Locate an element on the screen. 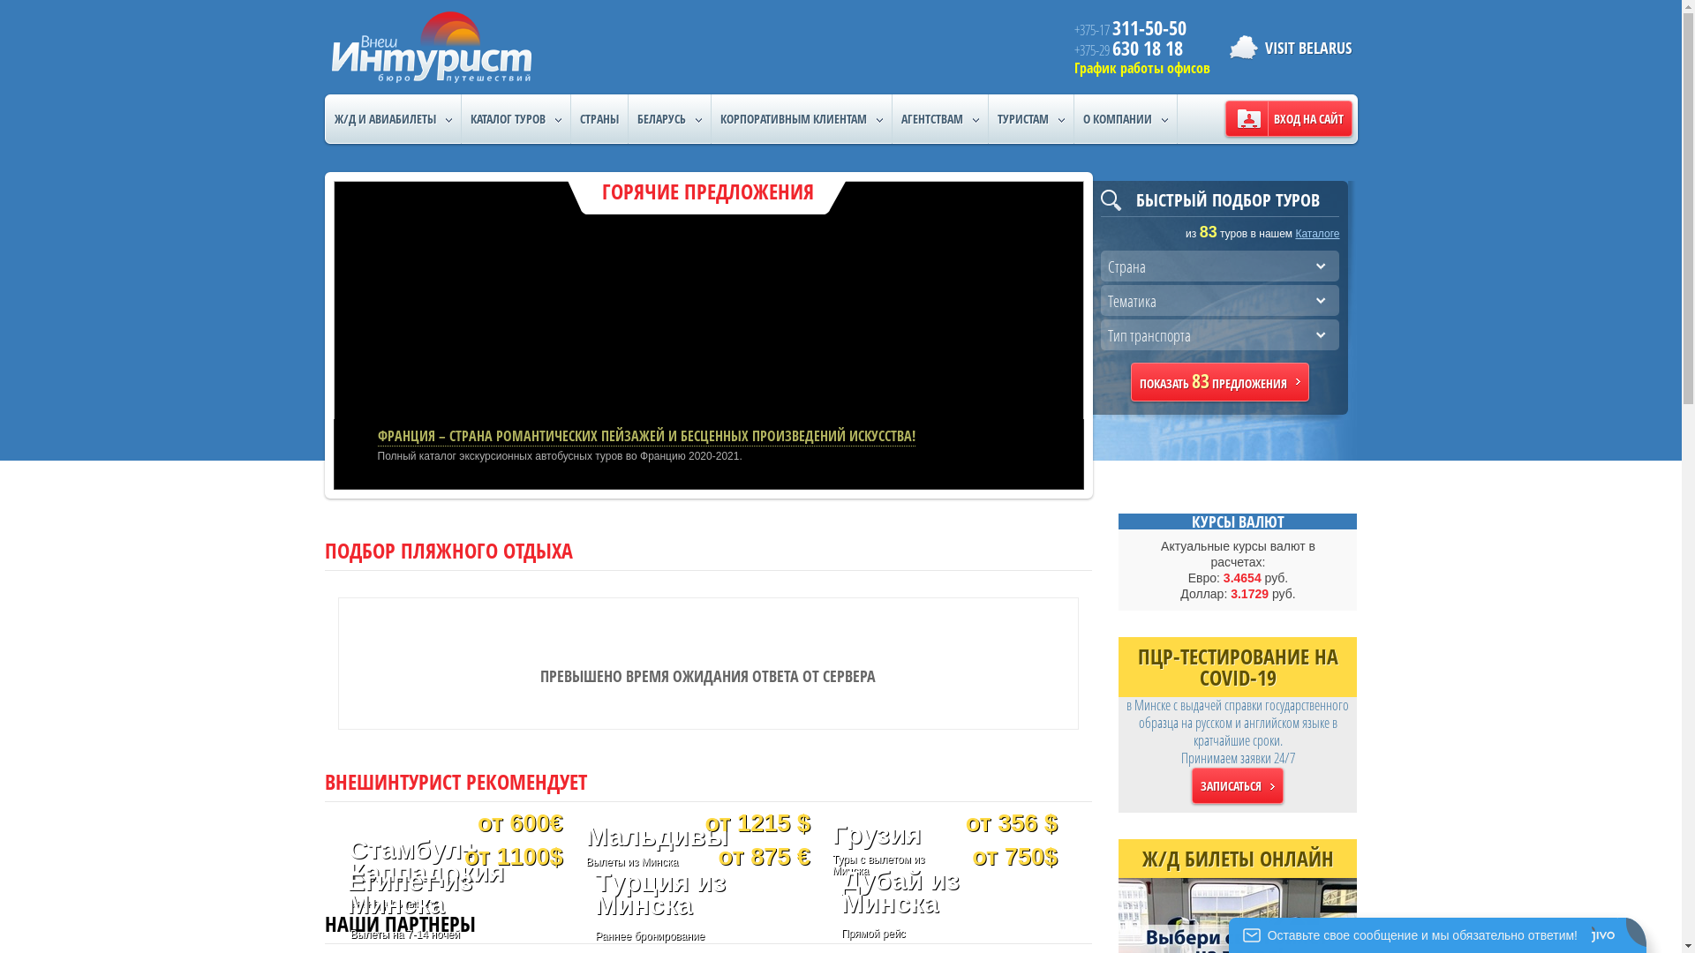  'VISIT BELARUS' is located at coordinates (1284, 47).